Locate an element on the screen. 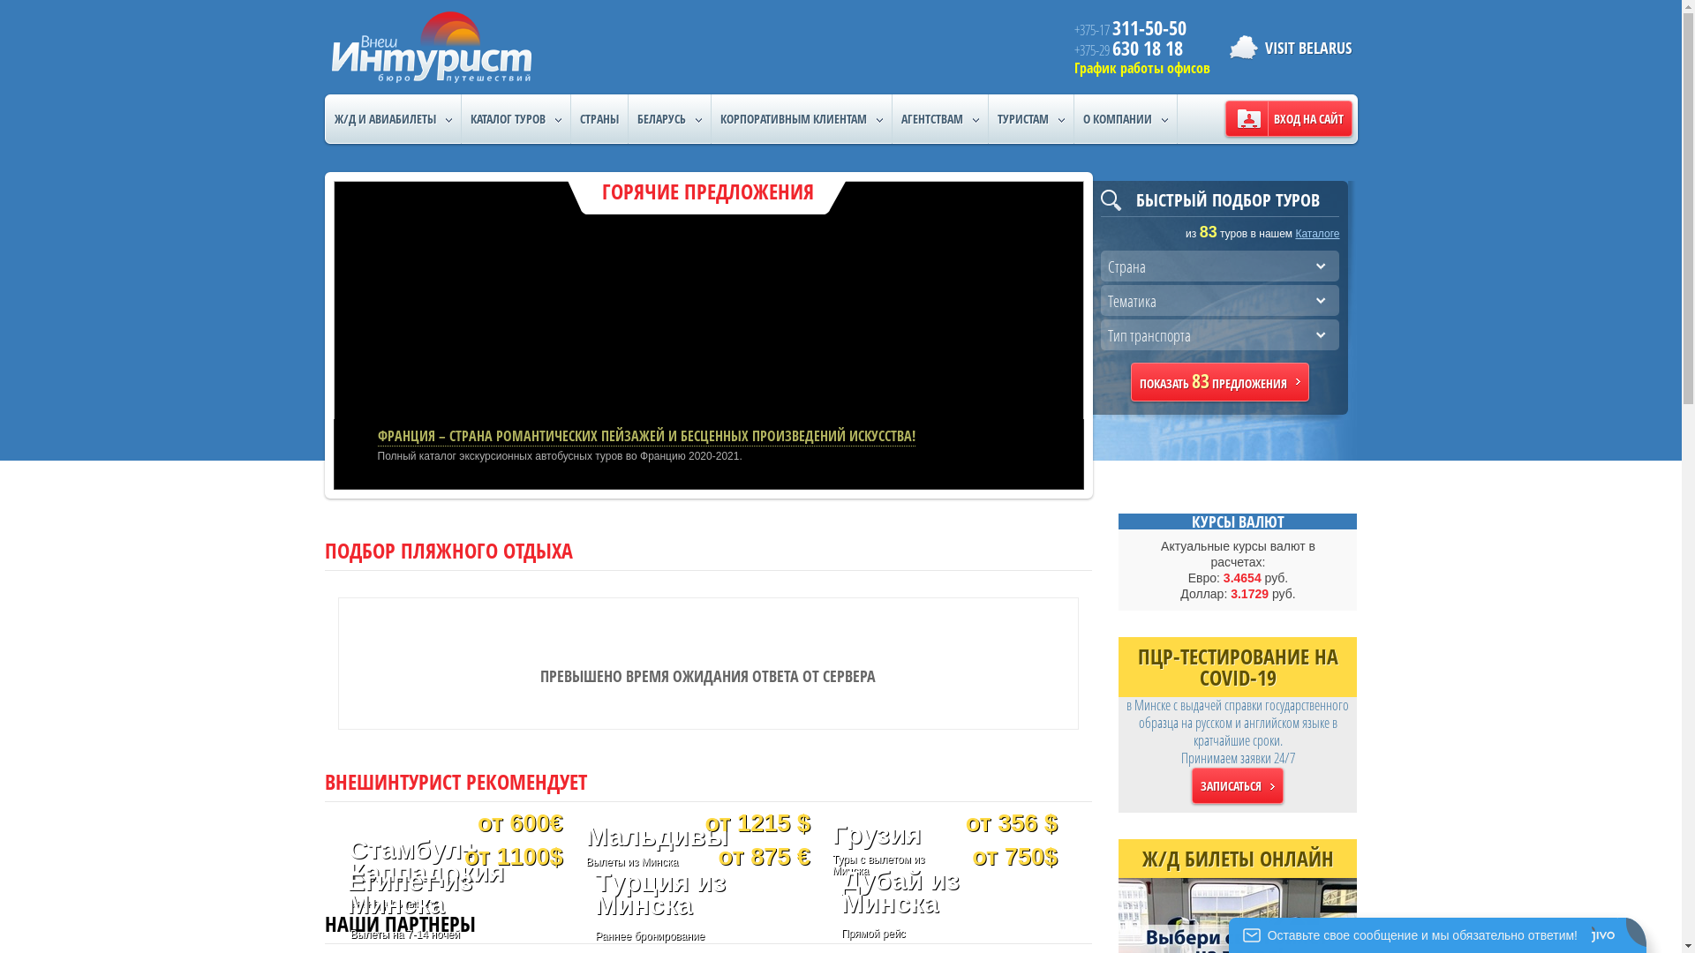  'VISIT BELARUS' is located at coordinates (1284, 47).